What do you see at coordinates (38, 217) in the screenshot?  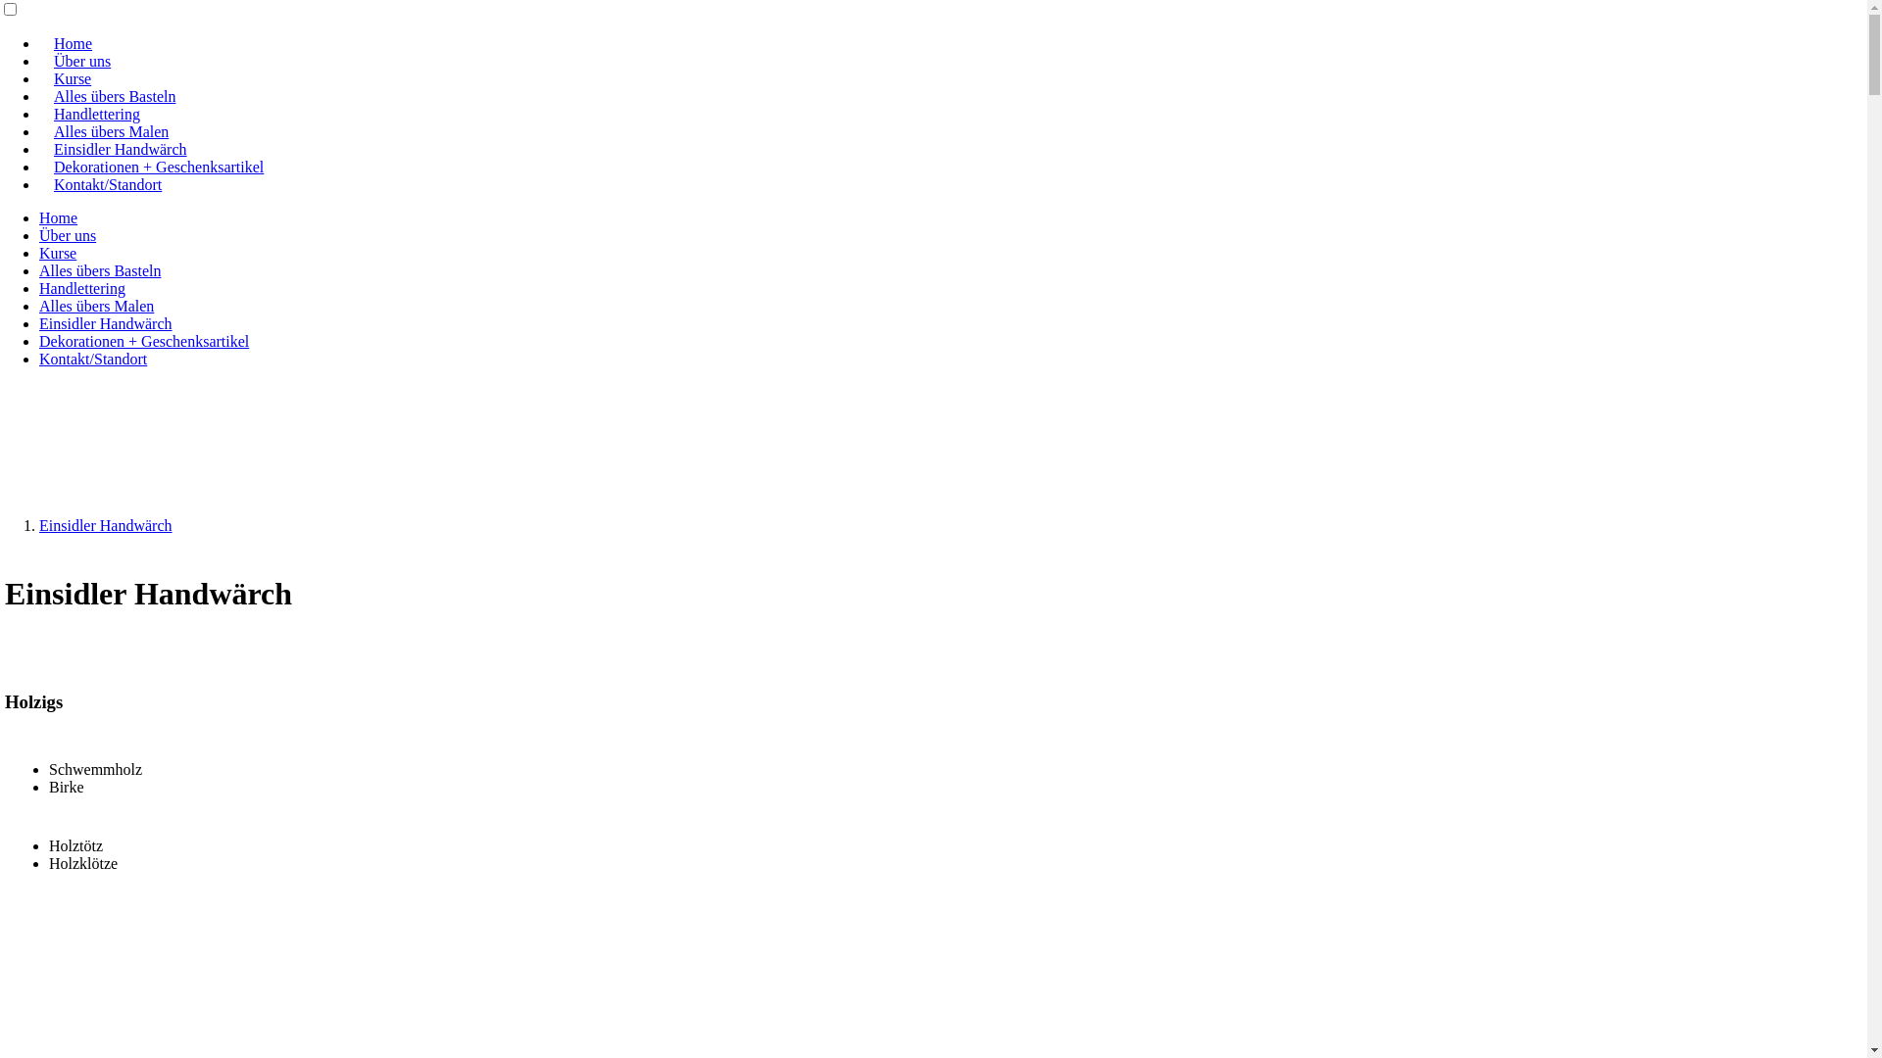 I see `'Home'` at bounding box center [38, 217].